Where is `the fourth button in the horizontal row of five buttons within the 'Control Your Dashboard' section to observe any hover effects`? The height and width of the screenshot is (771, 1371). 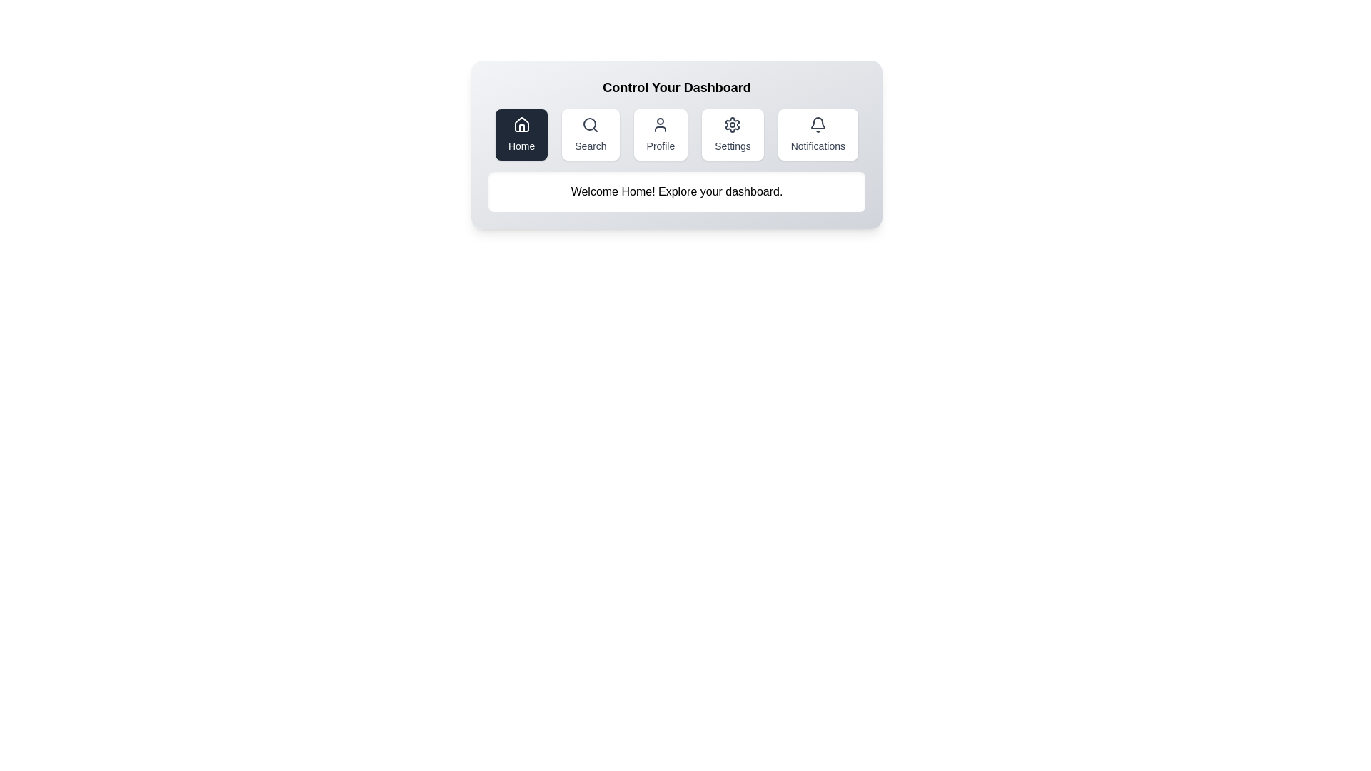
the fourth button in the horizontal row of five buttons within the 'Control Your Dashboard' section to observe any hover effects is located at coordinates (733, 135).